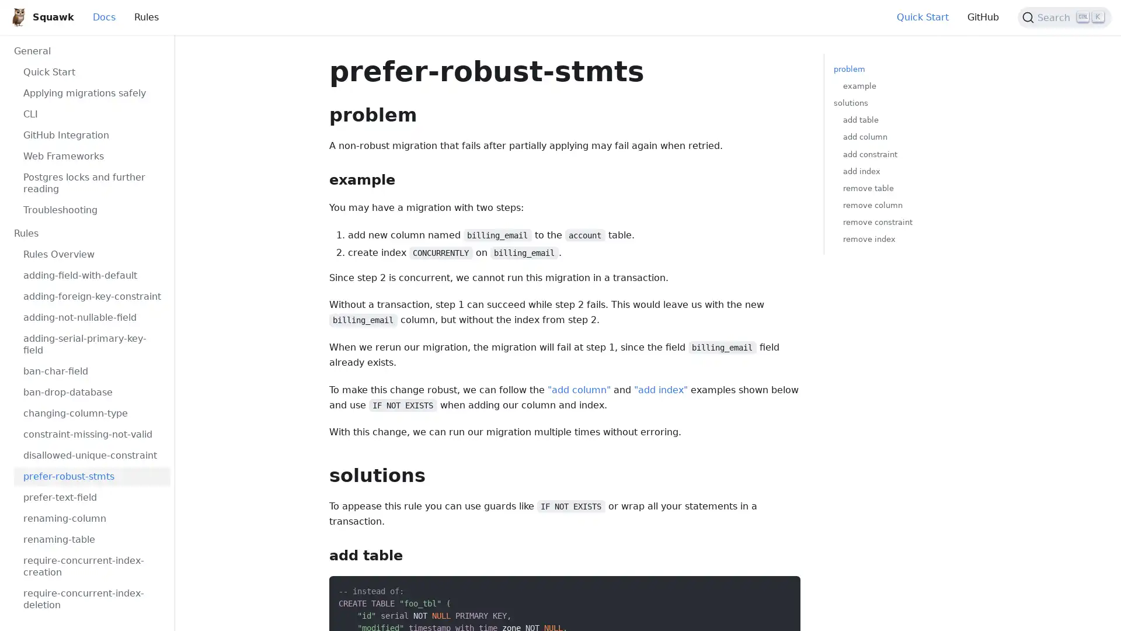 This screenshot has width=1121, height=631. What do you see at coordinates (781, 588) in the screenshot?
I see `Copy code to clipboard` at bounding box center [781, 588].